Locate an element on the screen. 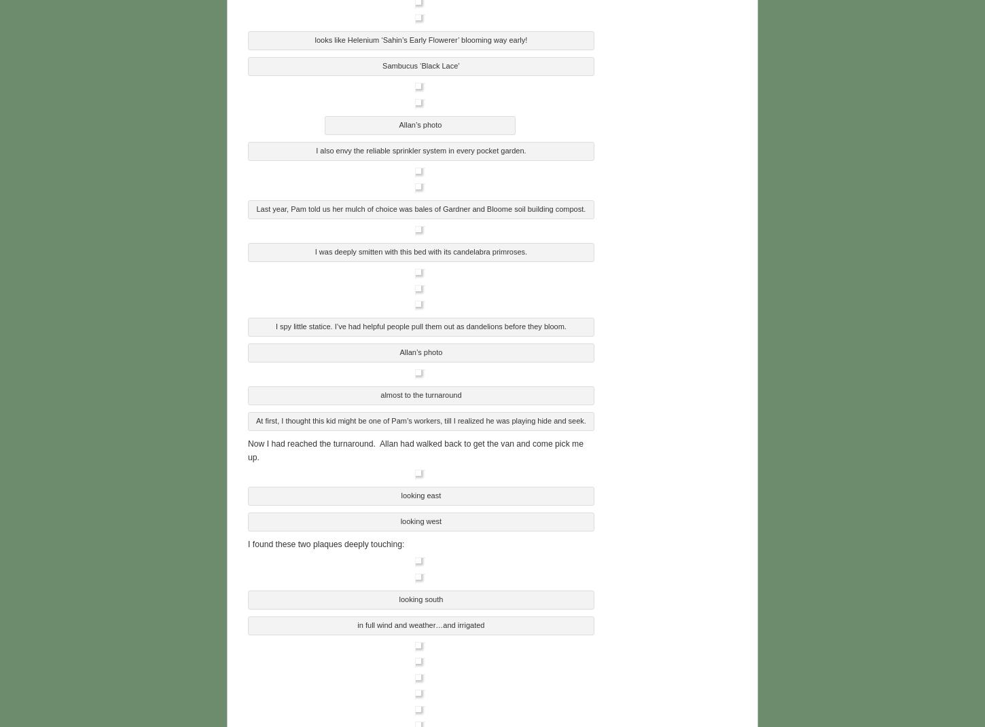  'I was deeply smitten with this bed with its candelabra primroses.' is located at coordinates (420, 249).